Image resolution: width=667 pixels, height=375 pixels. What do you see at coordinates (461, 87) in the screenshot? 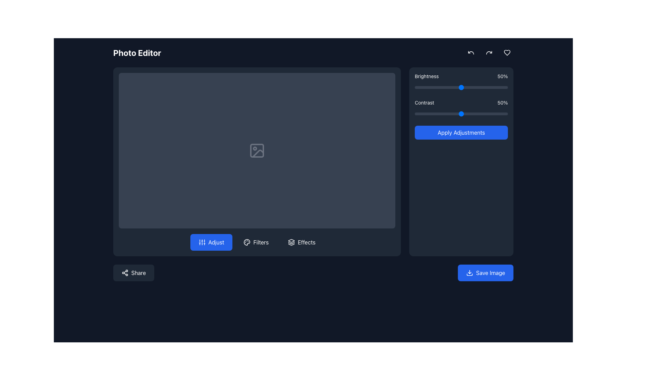
I see `the horizontal range slider control with a blue knob, located below the 'Brightness' label and '50%' display` at bounding box center [461, 87].